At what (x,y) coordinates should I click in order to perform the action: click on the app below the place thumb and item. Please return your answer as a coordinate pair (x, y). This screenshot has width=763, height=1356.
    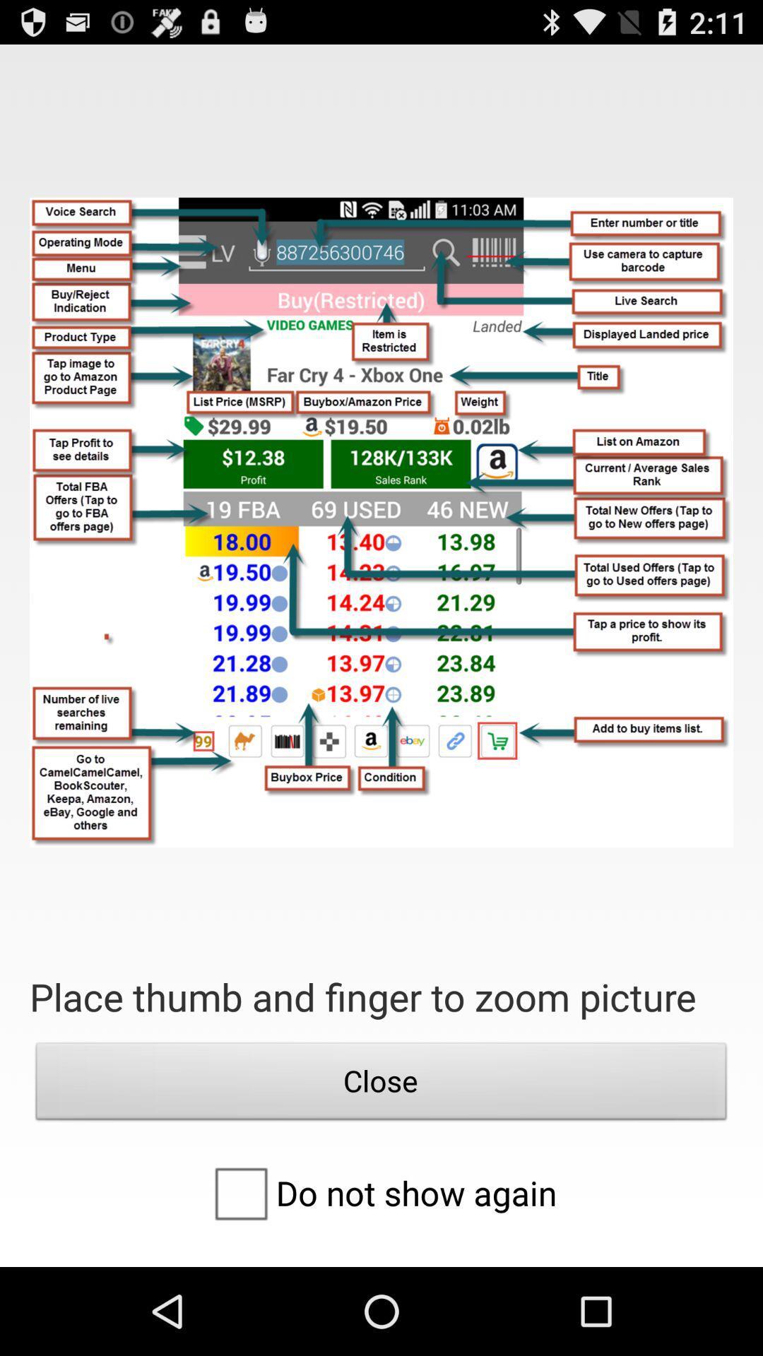
    Looking at the image, I should click on (381, 1084).